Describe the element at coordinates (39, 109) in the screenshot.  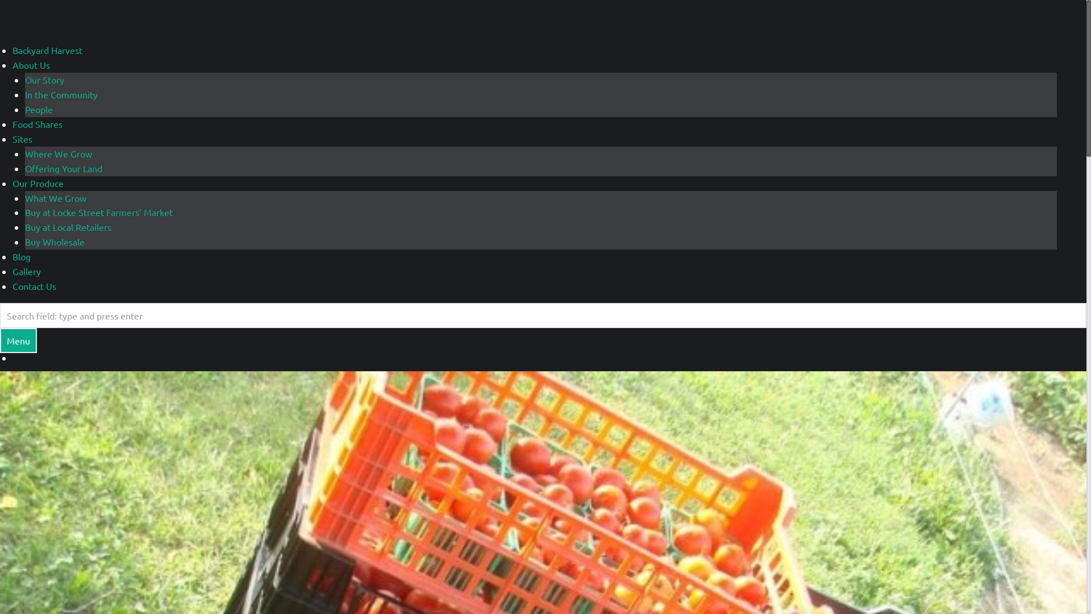
I see `'People'` at that location.